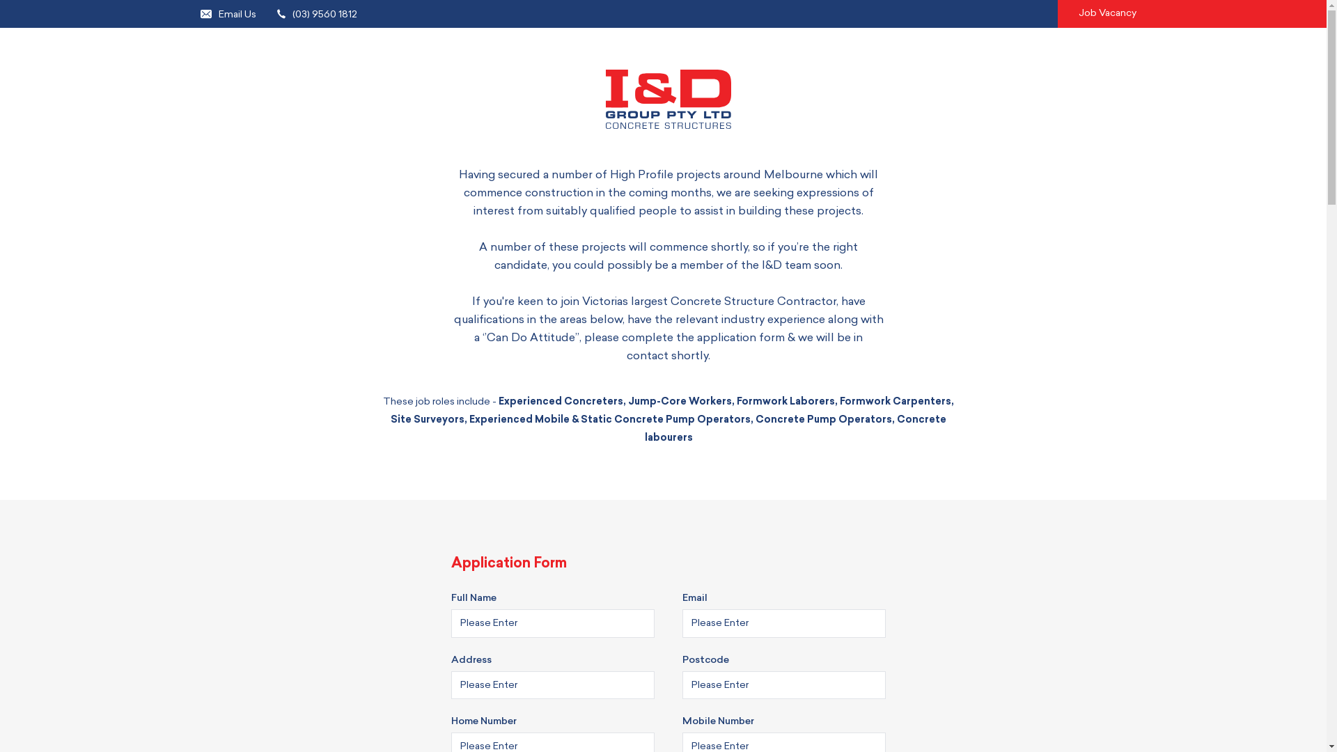  I want to click on 'Email Us', so click(228, 13).